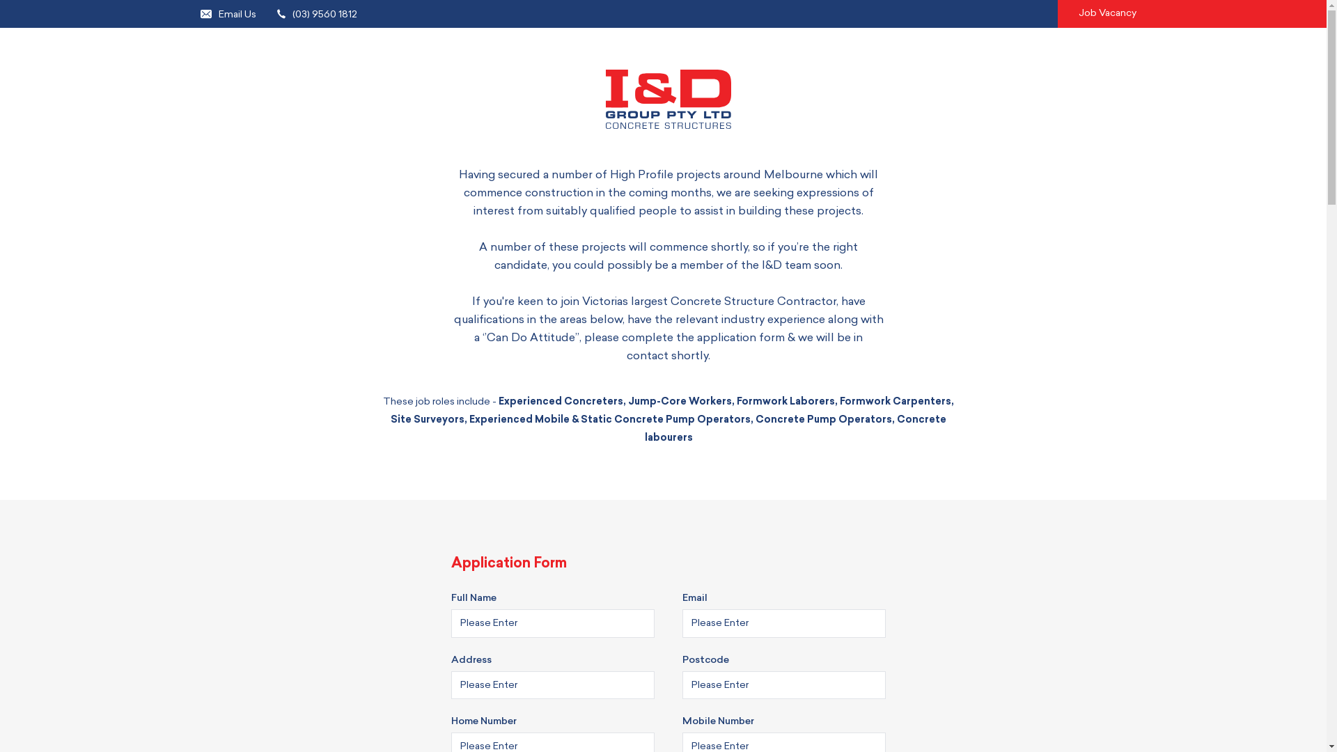  I want to click on 'Email Us', so click(228, 13).